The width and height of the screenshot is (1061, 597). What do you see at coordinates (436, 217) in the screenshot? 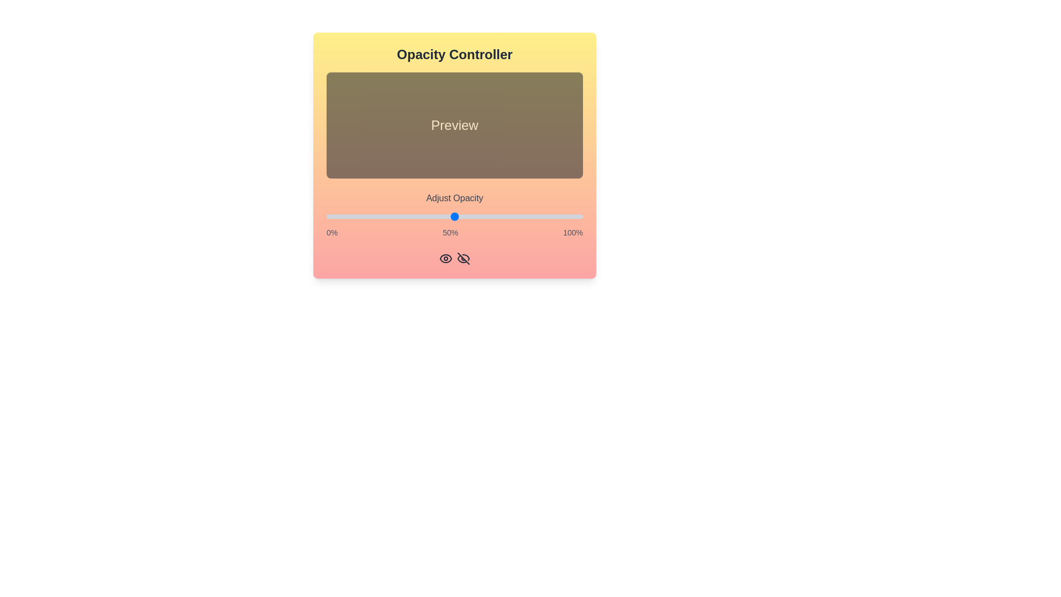
I see `the opacity slider to 43%` at bounding box center [436, 217].